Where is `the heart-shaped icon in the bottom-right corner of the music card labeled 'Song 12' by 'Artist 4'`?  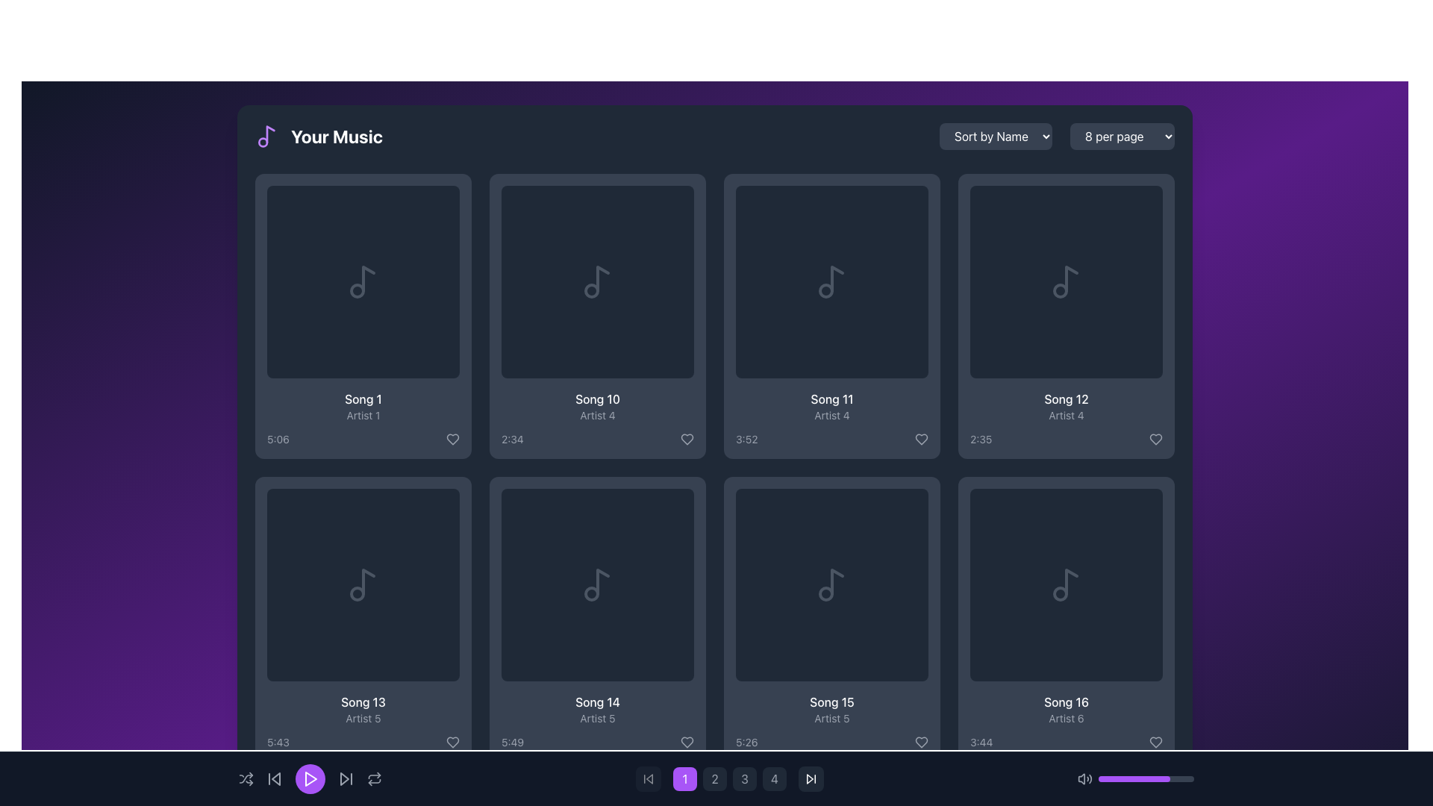 the heart-shaped icon in the bottom-right corner of the music card labeled 'Song 12' by 'Artist 4' is located at coordinates (1155, 439).